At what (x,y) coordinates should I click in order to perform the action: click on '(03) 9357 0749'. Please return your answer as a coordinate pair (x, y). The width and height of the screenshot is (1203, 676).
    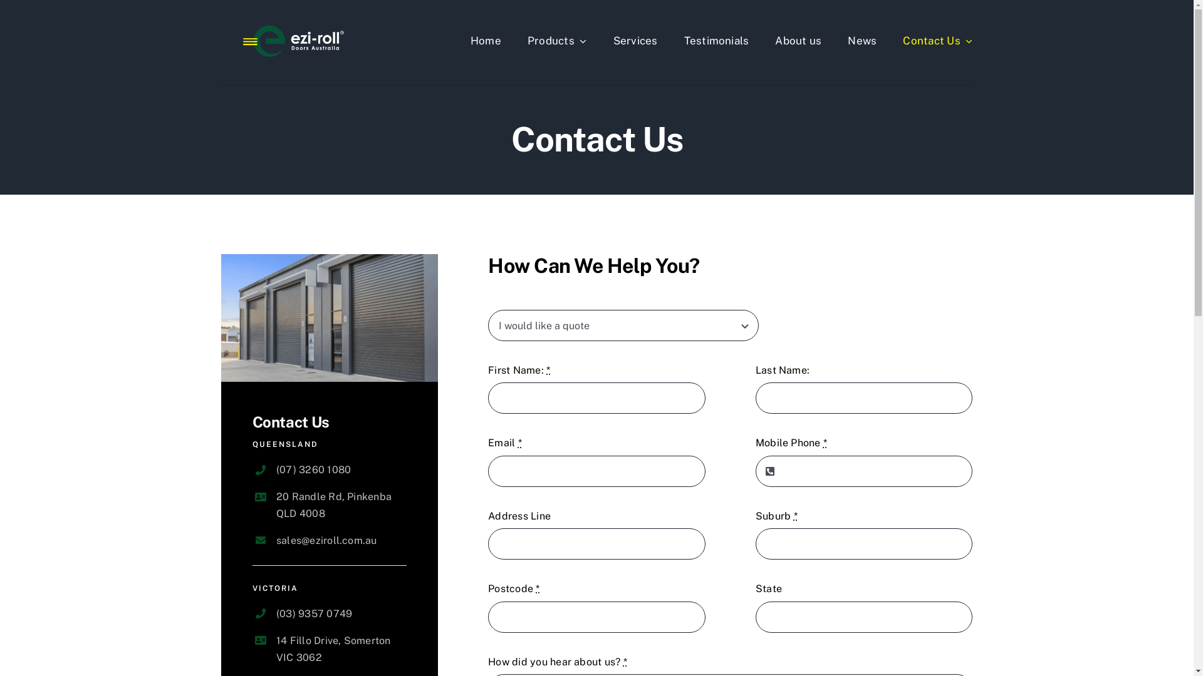
    Looking at the image, I should click on (314, 613).